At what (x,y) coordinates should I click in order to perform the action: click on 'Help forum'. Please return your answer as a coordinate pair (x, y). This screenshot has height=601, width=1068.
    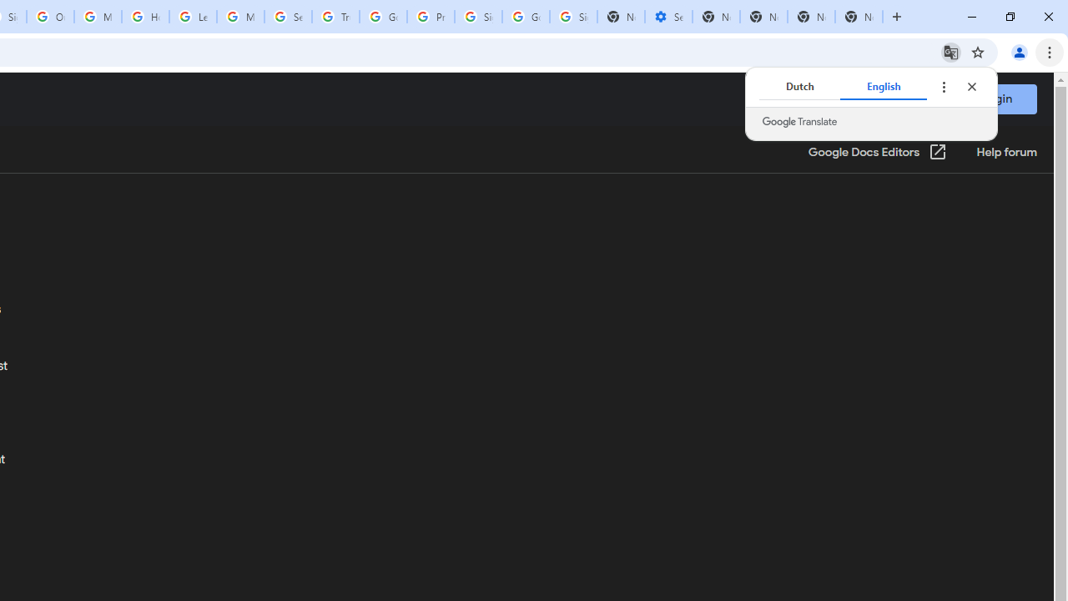
    Looking at the image, I should click on (1005, 153).